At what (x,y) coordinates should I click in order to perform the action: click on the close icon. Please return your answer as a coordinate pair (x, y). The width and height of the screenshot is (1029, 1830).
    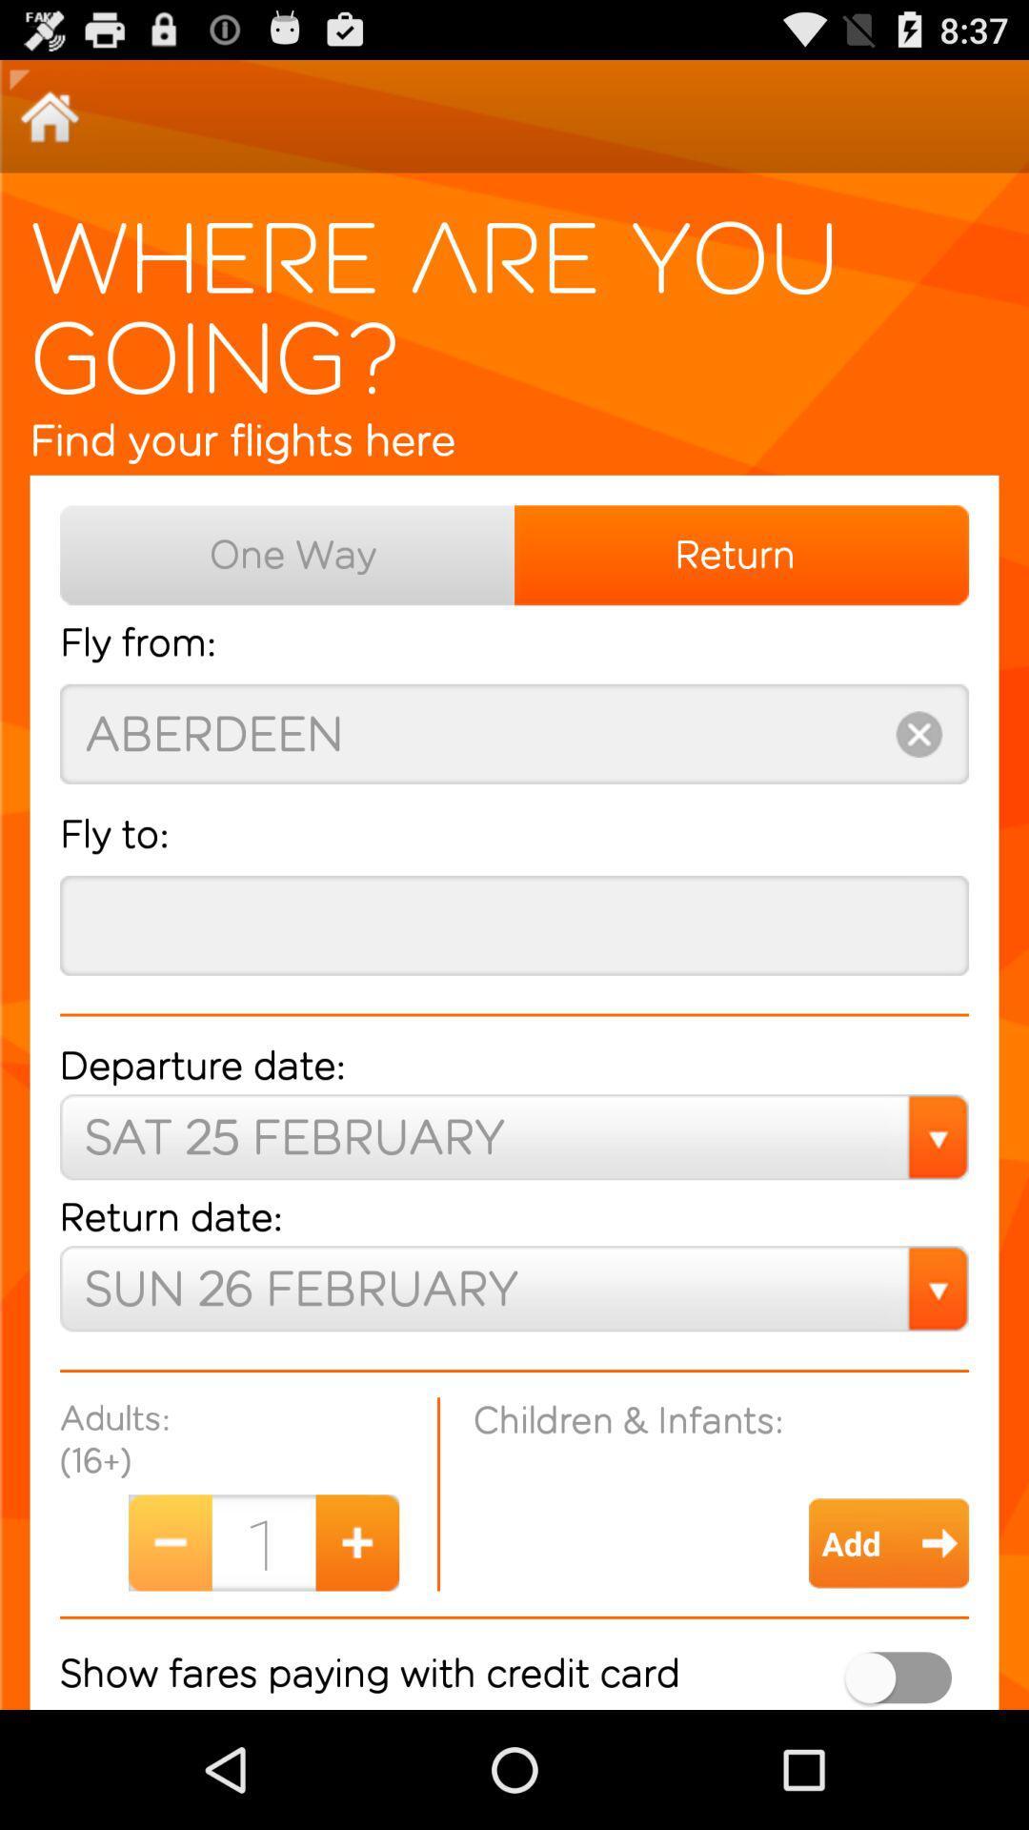
    Looking at the image, I should click on (918, 785).